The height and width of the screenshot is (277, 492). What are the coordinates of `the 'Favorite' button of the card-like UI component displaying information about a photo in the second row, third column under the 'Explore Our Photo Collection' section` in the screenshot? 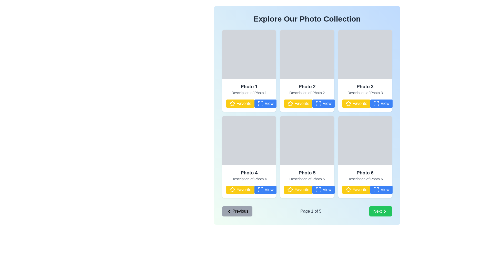 It's located at (365, 95).